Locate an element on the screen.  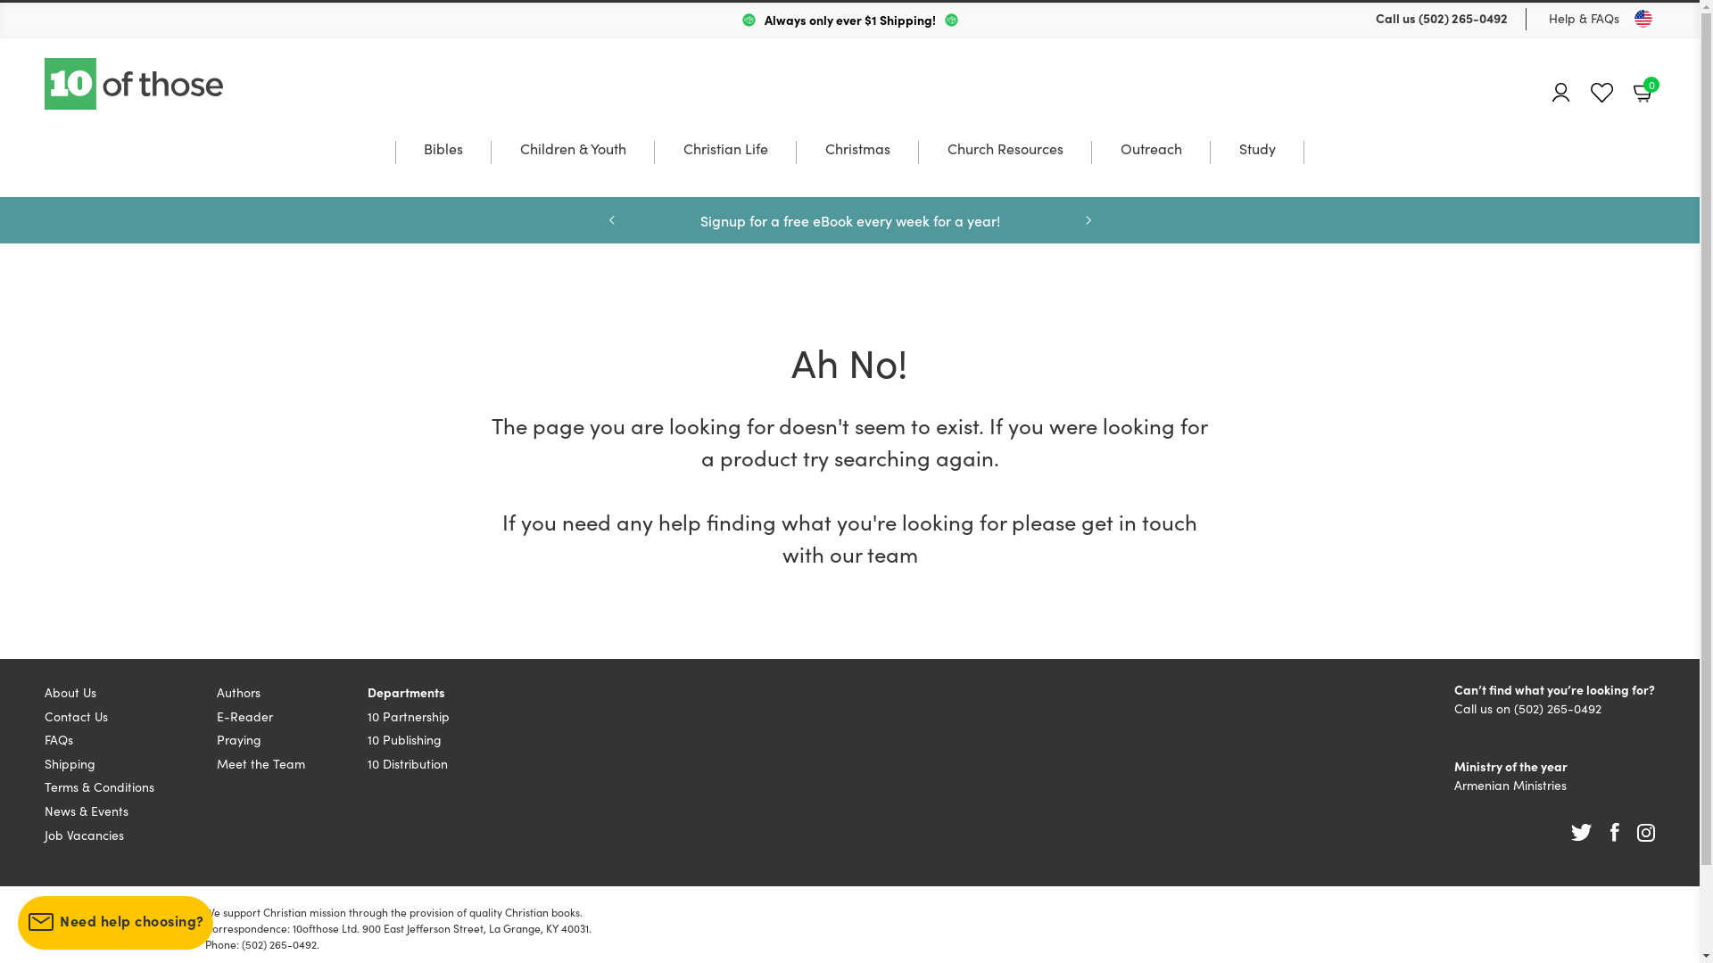
'Children & Youth' is located at coordinates (518, 165).